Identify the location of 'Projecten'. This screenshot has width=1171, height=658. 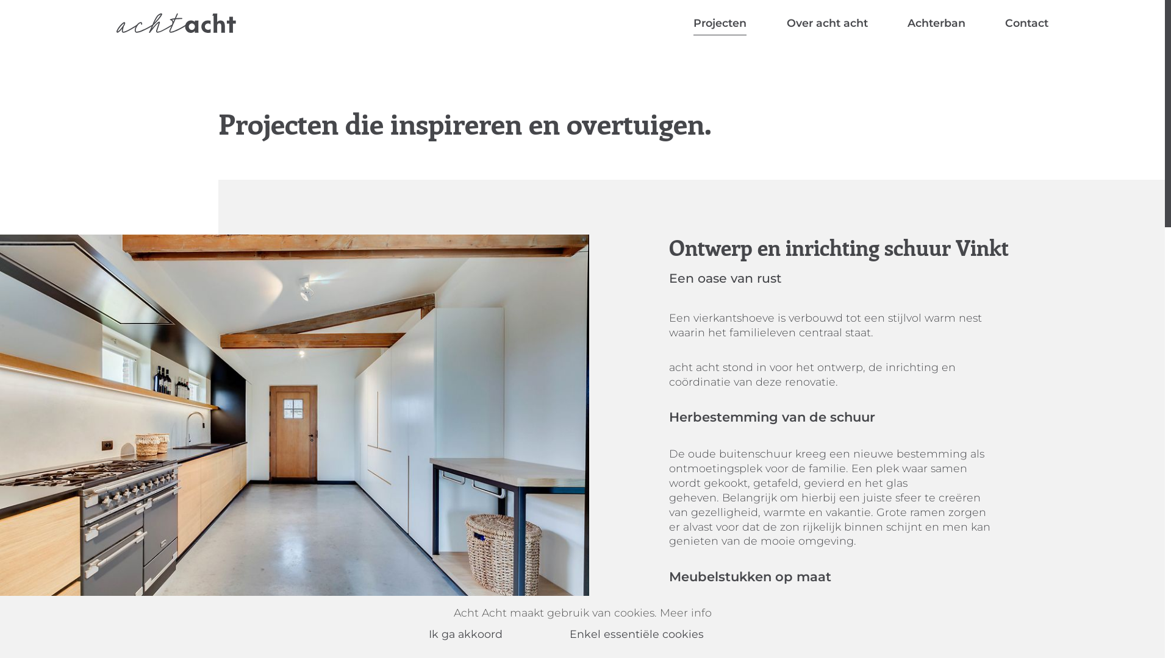
(720, 23).